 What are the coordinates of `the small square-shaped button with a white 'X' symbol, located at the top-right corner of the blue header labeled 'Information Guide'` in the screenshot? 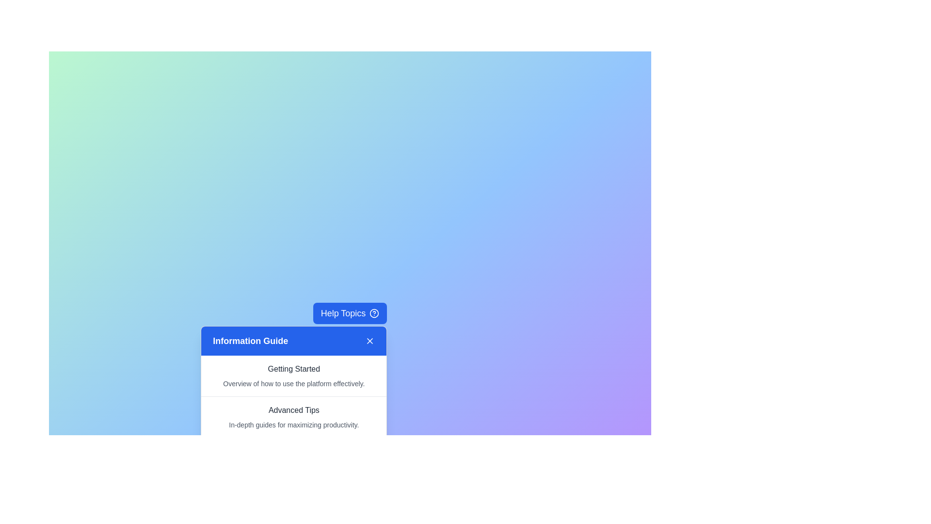 It's located at (369, 340).